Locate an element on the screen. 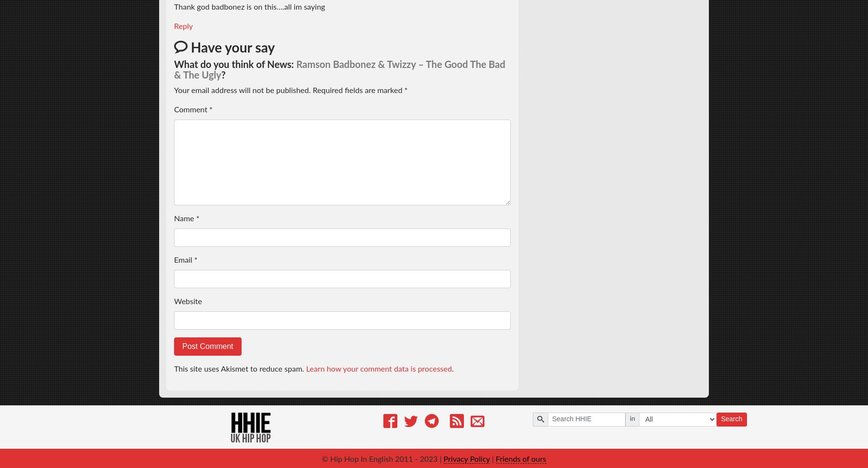 This screenshot has height=468, width=868. 'Learn how your comment data is processed' is located at coordinates (378, 368).